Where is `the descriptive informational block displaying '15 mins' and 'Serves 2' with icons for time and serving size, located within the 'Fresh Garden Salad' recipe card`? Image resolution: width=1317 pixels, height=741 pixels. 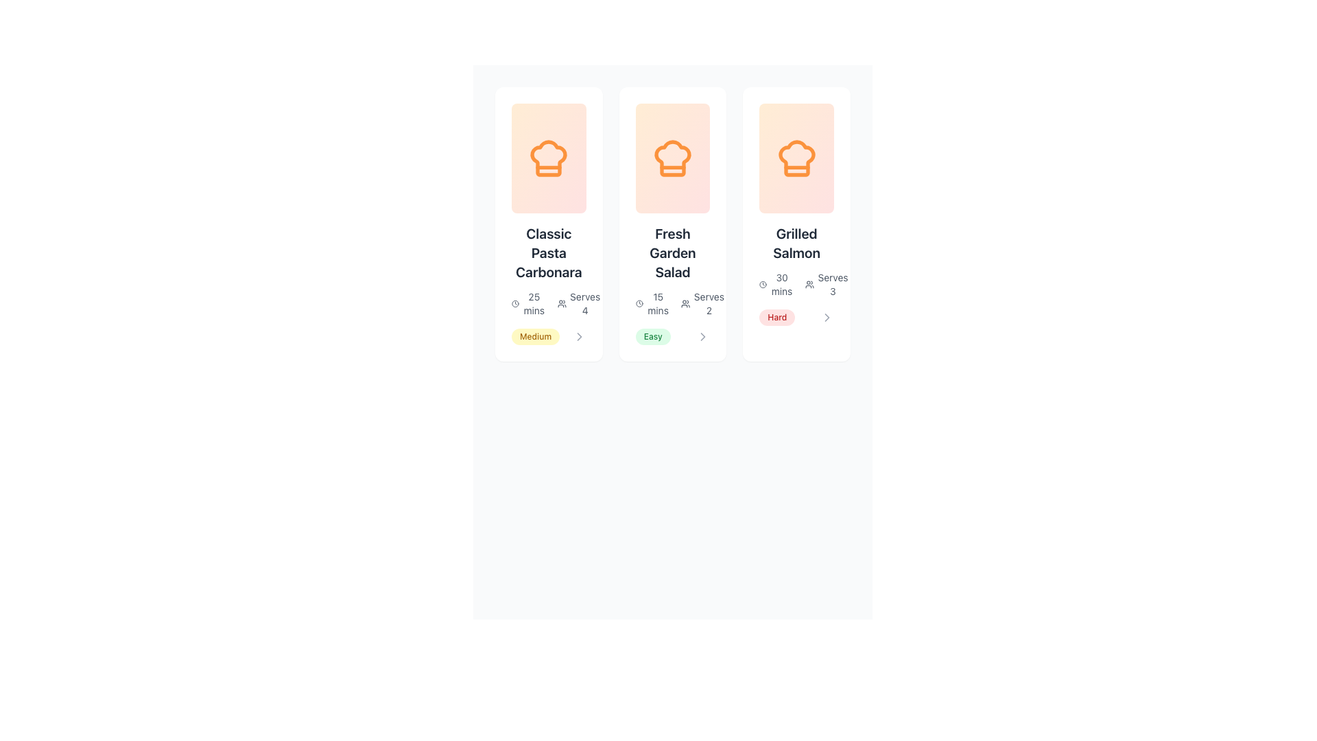 the descriptive informational block displaying '15 mins' and 'Serves 2' with icons for time and serving size, located within the 'Fresh Garden Salad' recipe card is located at coordinates (672, 303).